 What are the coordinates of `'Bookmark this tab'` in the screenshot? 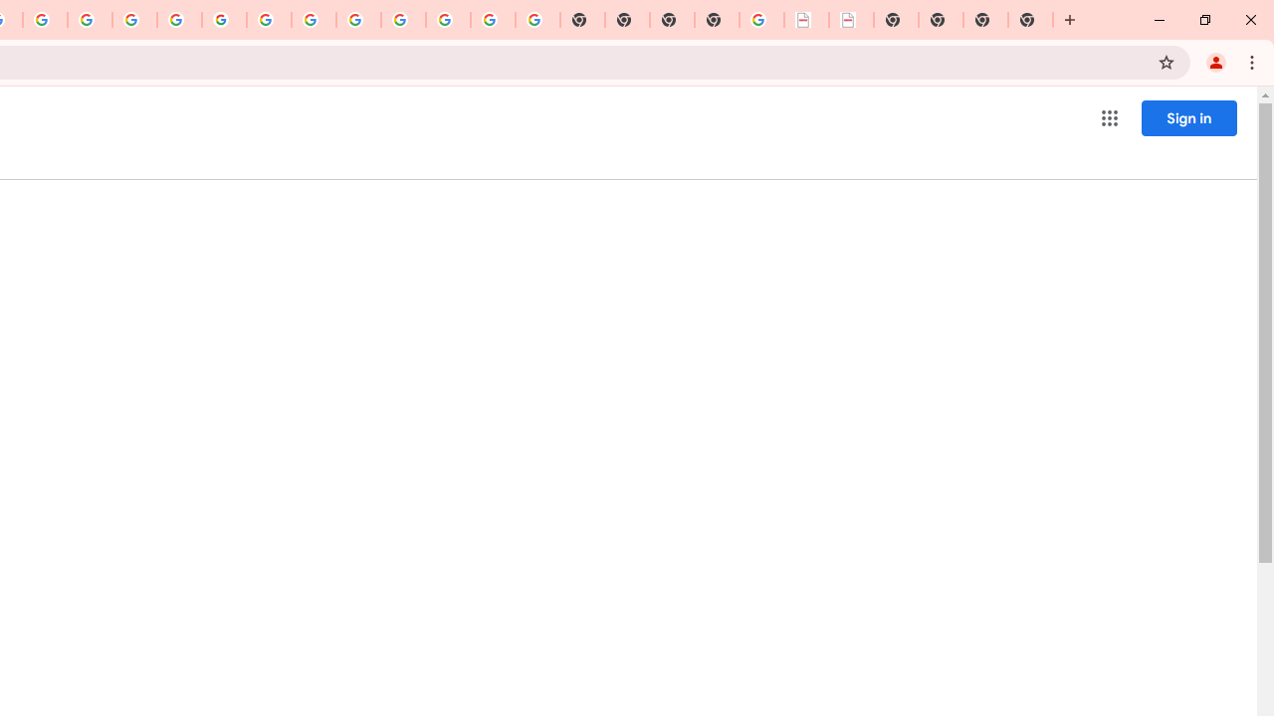 It's located at (1166, 61).